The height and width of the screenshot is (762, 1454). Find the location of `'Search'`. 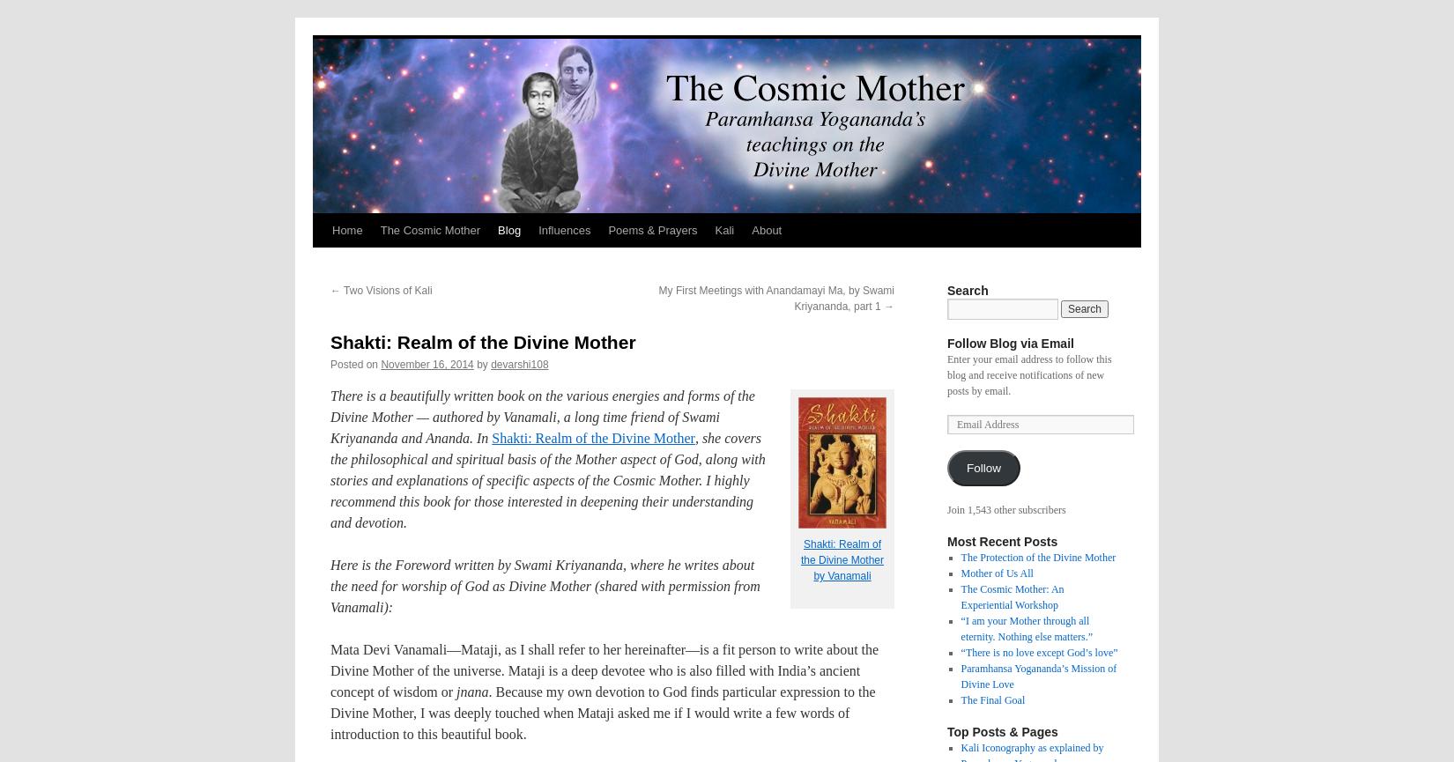

'Search' is located at coordinates (946, 290).